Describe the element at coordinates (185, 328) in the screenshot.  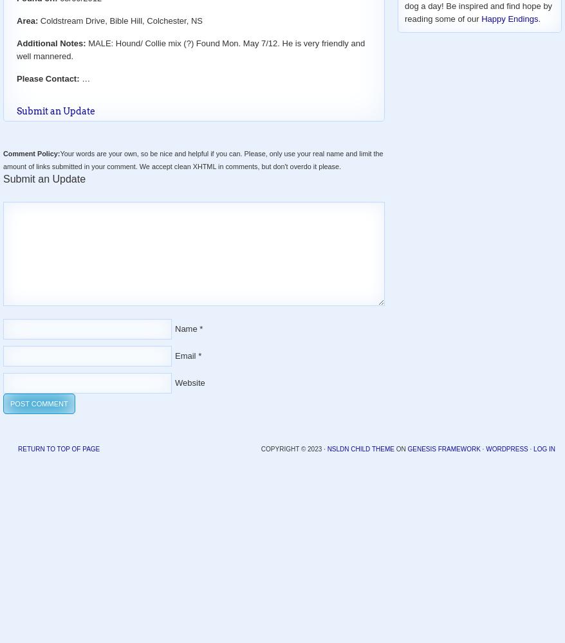
I see `'Name'` at that location.